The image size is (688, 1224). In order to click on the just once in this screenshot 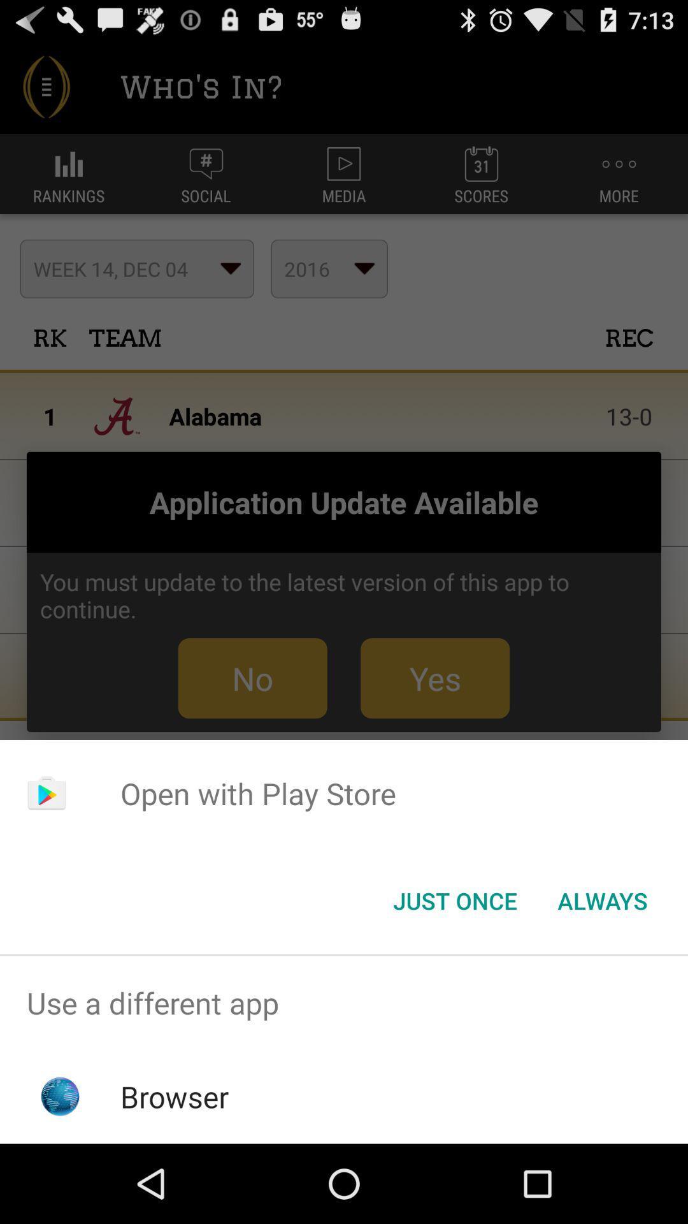, I will do `click(454, 900)`.